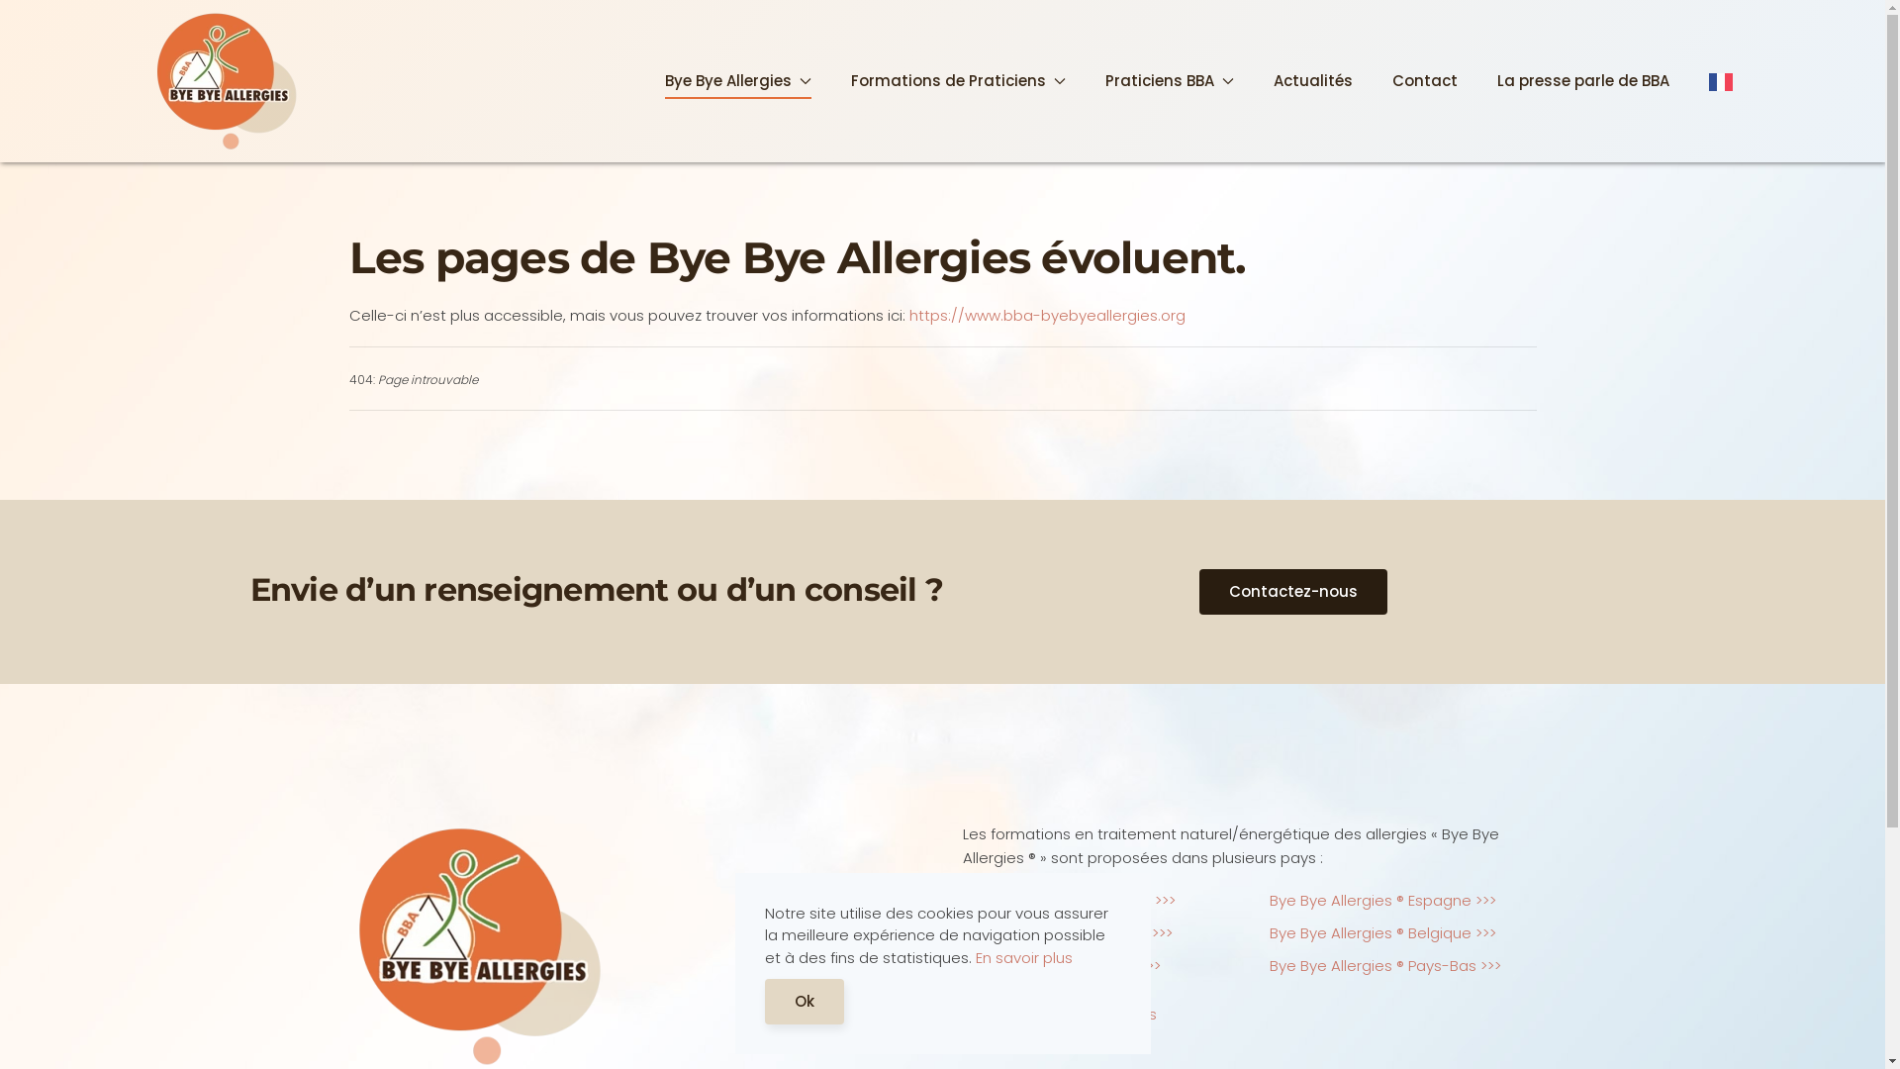 The image size is (1900, 1069). What do you see at coordinates (803, 1001) in the screenshot?
I see `'Ok'` at bounding box center [803, 1001].